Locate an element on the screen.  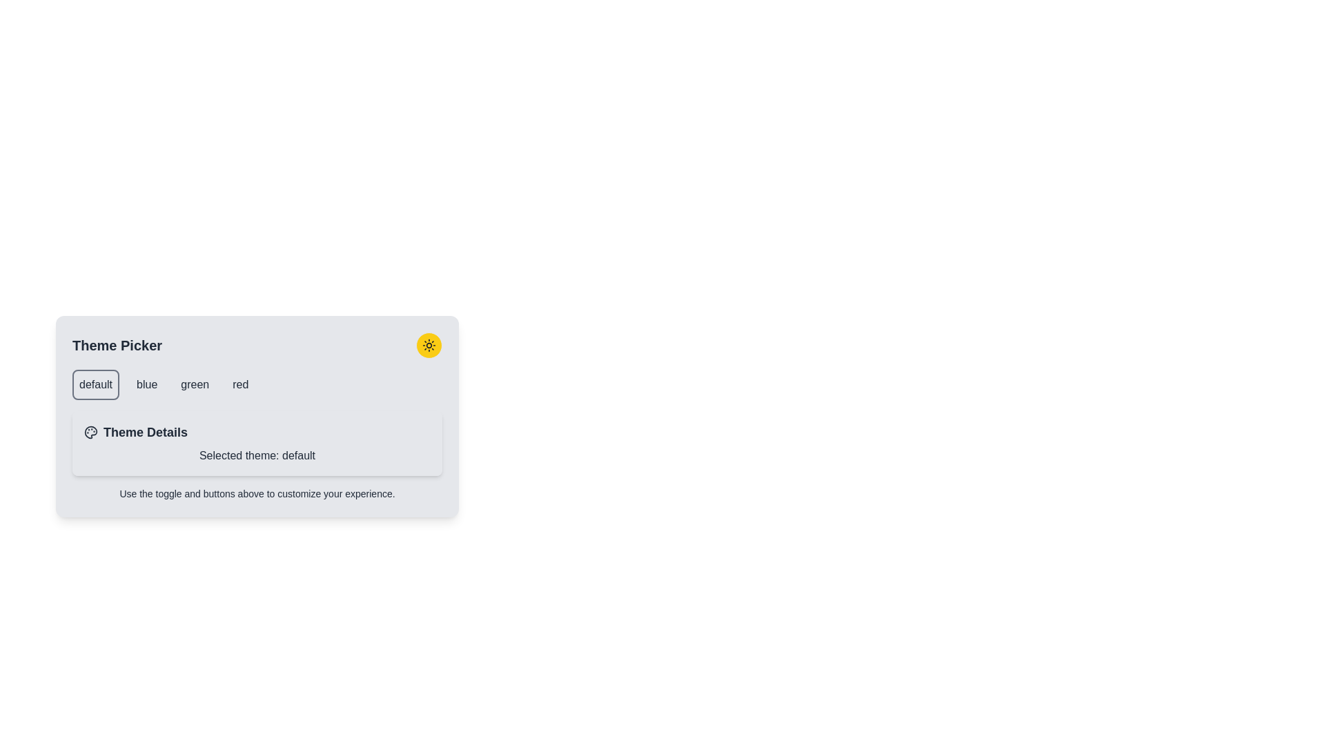
the 'default' button in the Theme Picker card is located at coordinates (95, 385).